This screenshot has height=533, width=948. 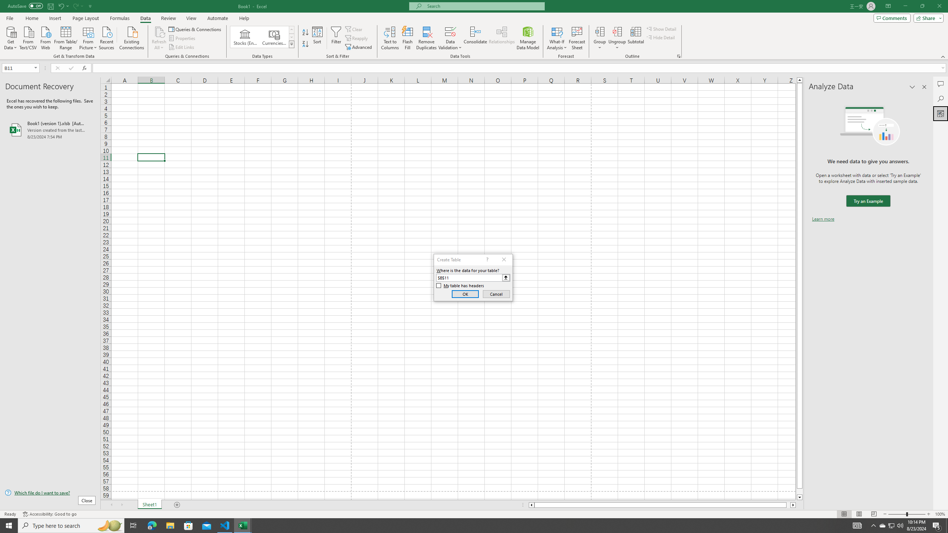 What do you see at coordinates (475, 38) in the screenshot?
I see `'Consolidate...'` at bounding box center [475, 38].